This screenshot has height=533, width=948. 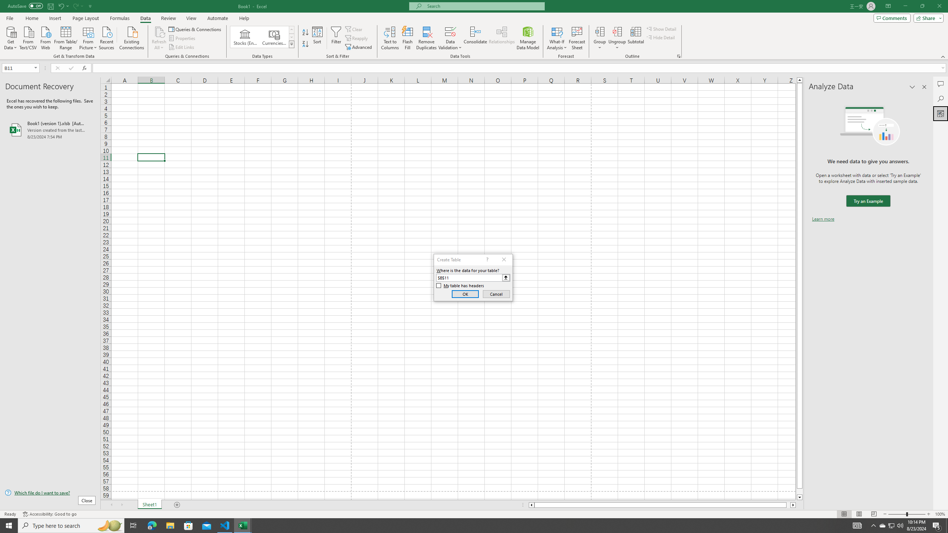 What do you see at coordinates (475, 38) in the screenshot?
I see `'Consolidate...'` at bounding box center [475, 38].